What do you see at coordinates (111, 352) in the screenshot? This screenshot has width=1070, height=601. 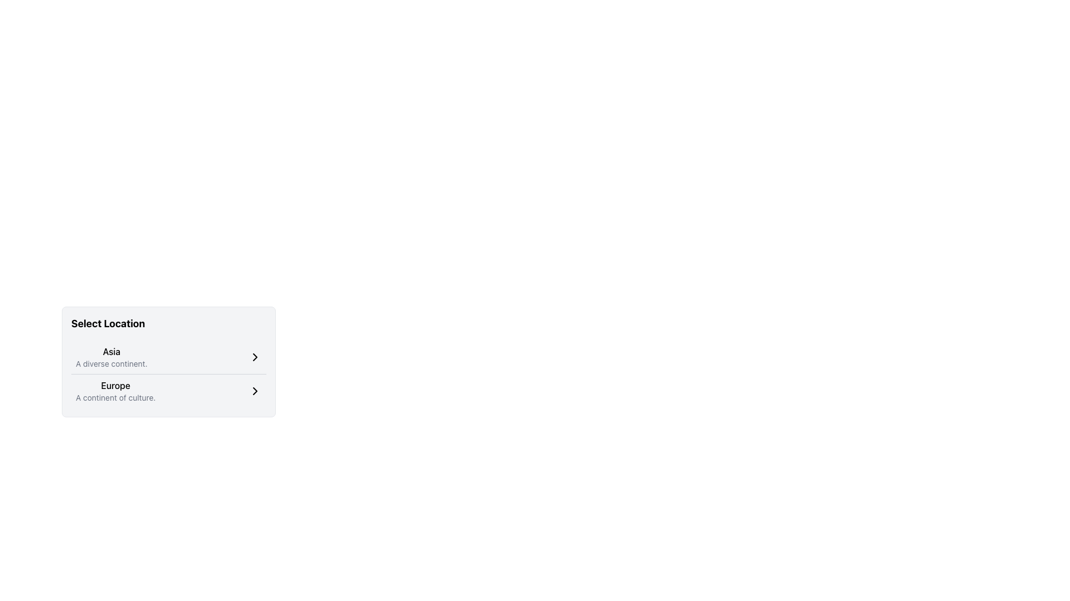 I see `the text label 'Asia' which is the first item in the vertical menu under 'Select Location'` at bounding box center [111, 352].